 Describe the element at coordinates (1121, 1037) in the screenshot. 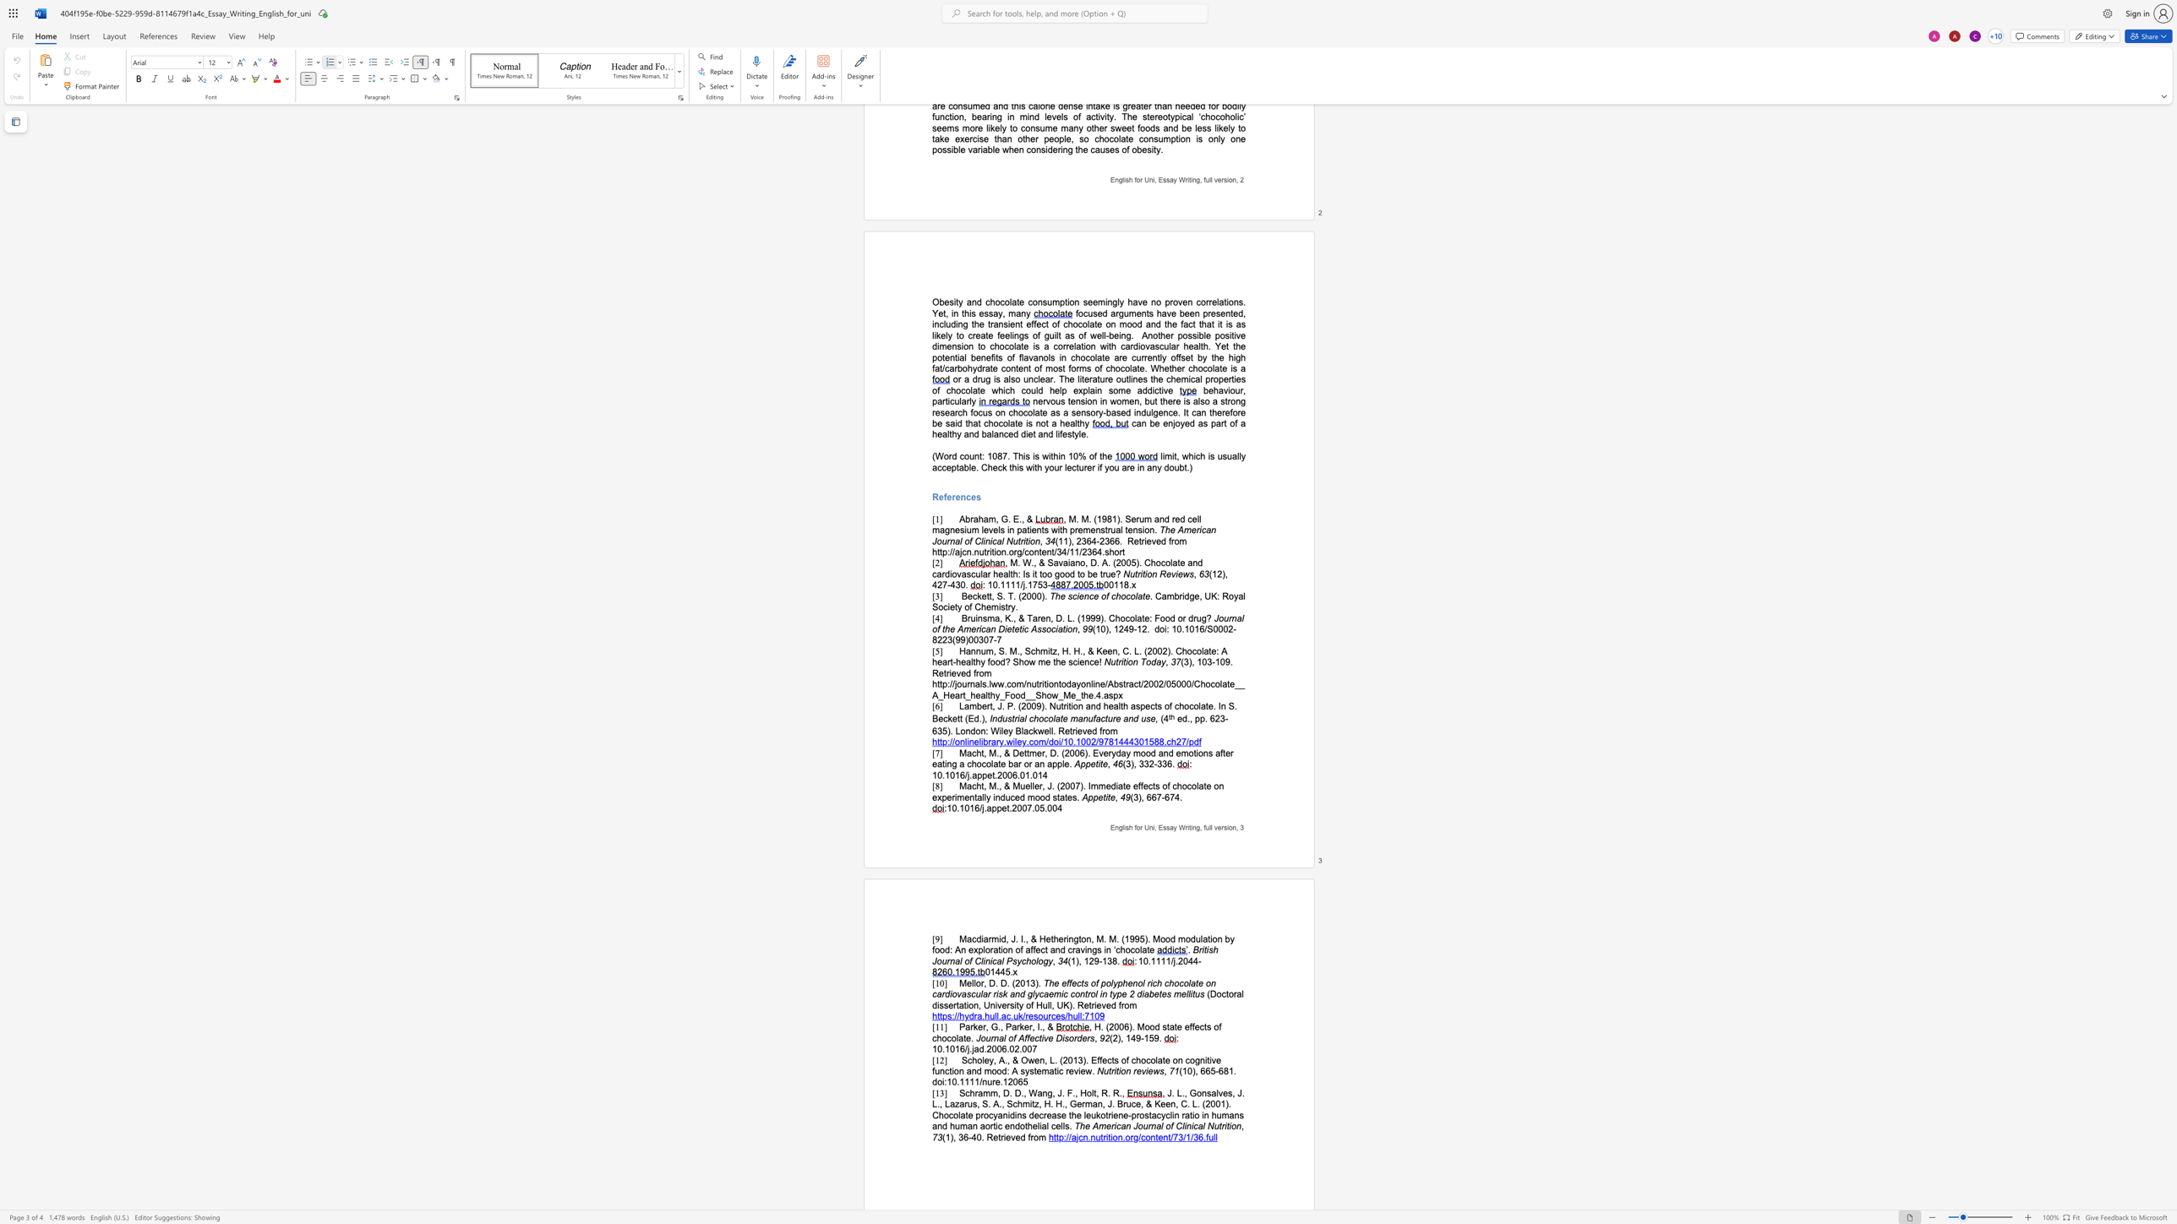

I see `the space between the continuous character ")" and "," in the text` at that location.